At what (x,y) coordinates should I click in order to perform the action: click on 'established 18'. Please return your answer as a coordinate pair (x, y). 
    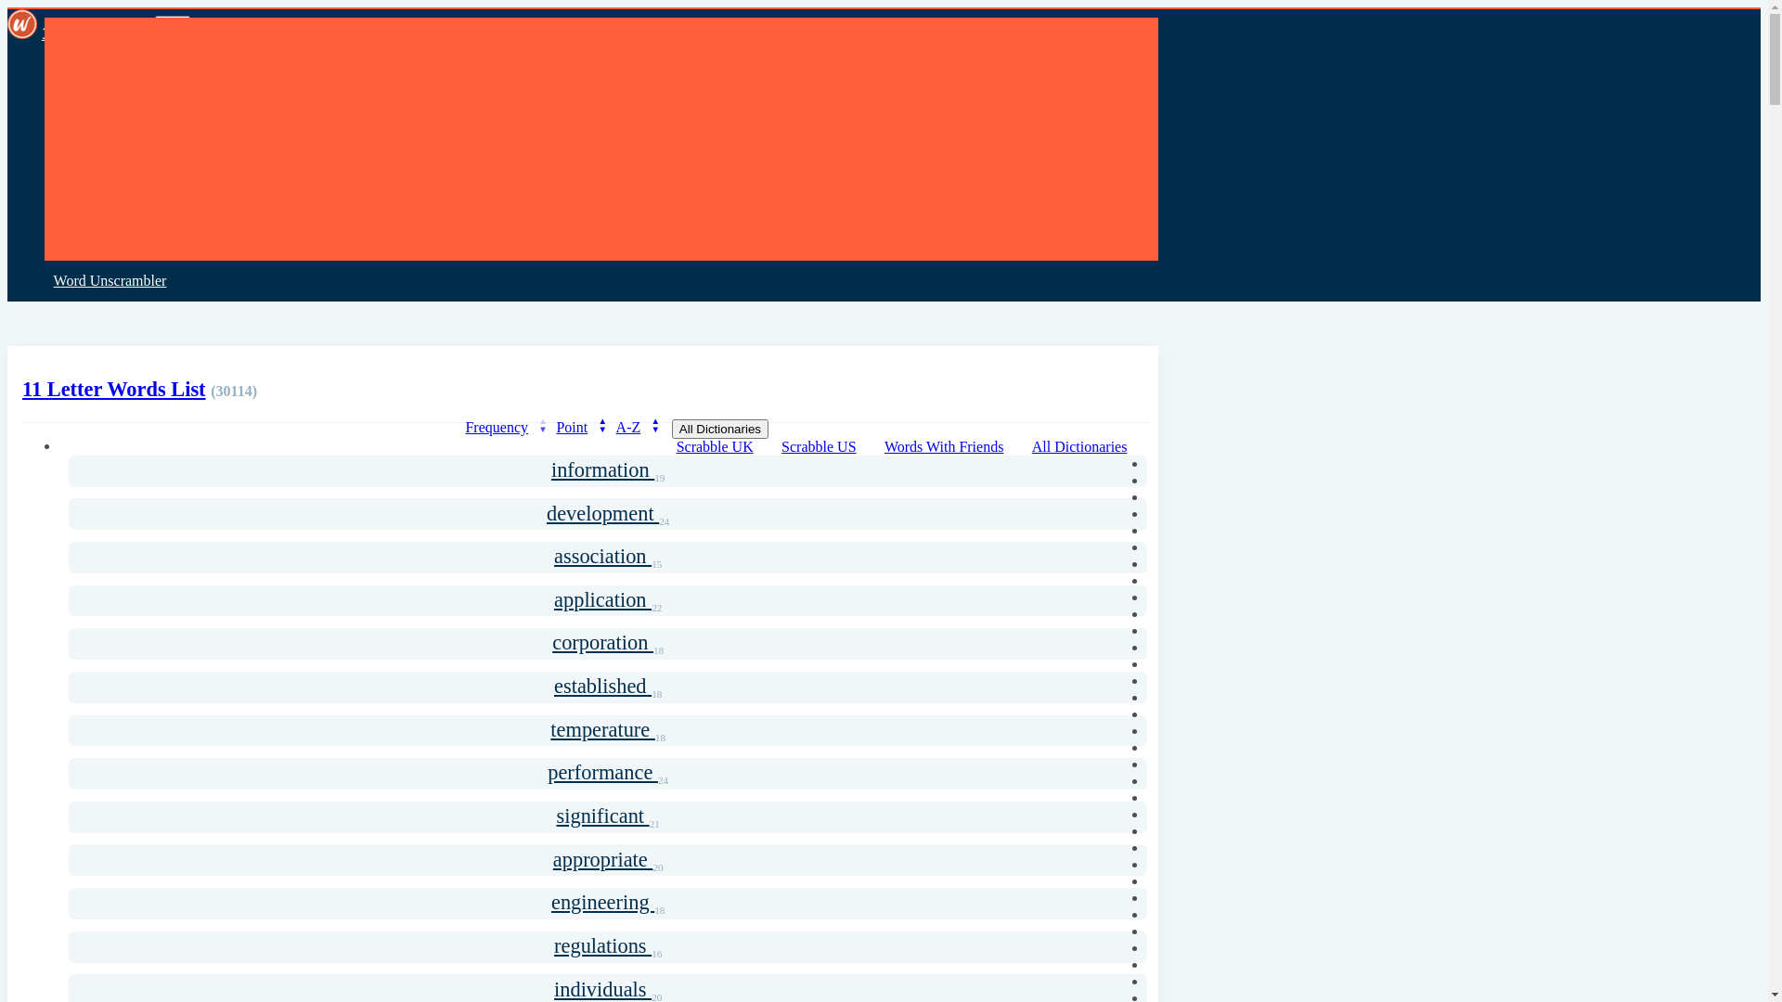
    Looking at the image, I should click on (607, 687).